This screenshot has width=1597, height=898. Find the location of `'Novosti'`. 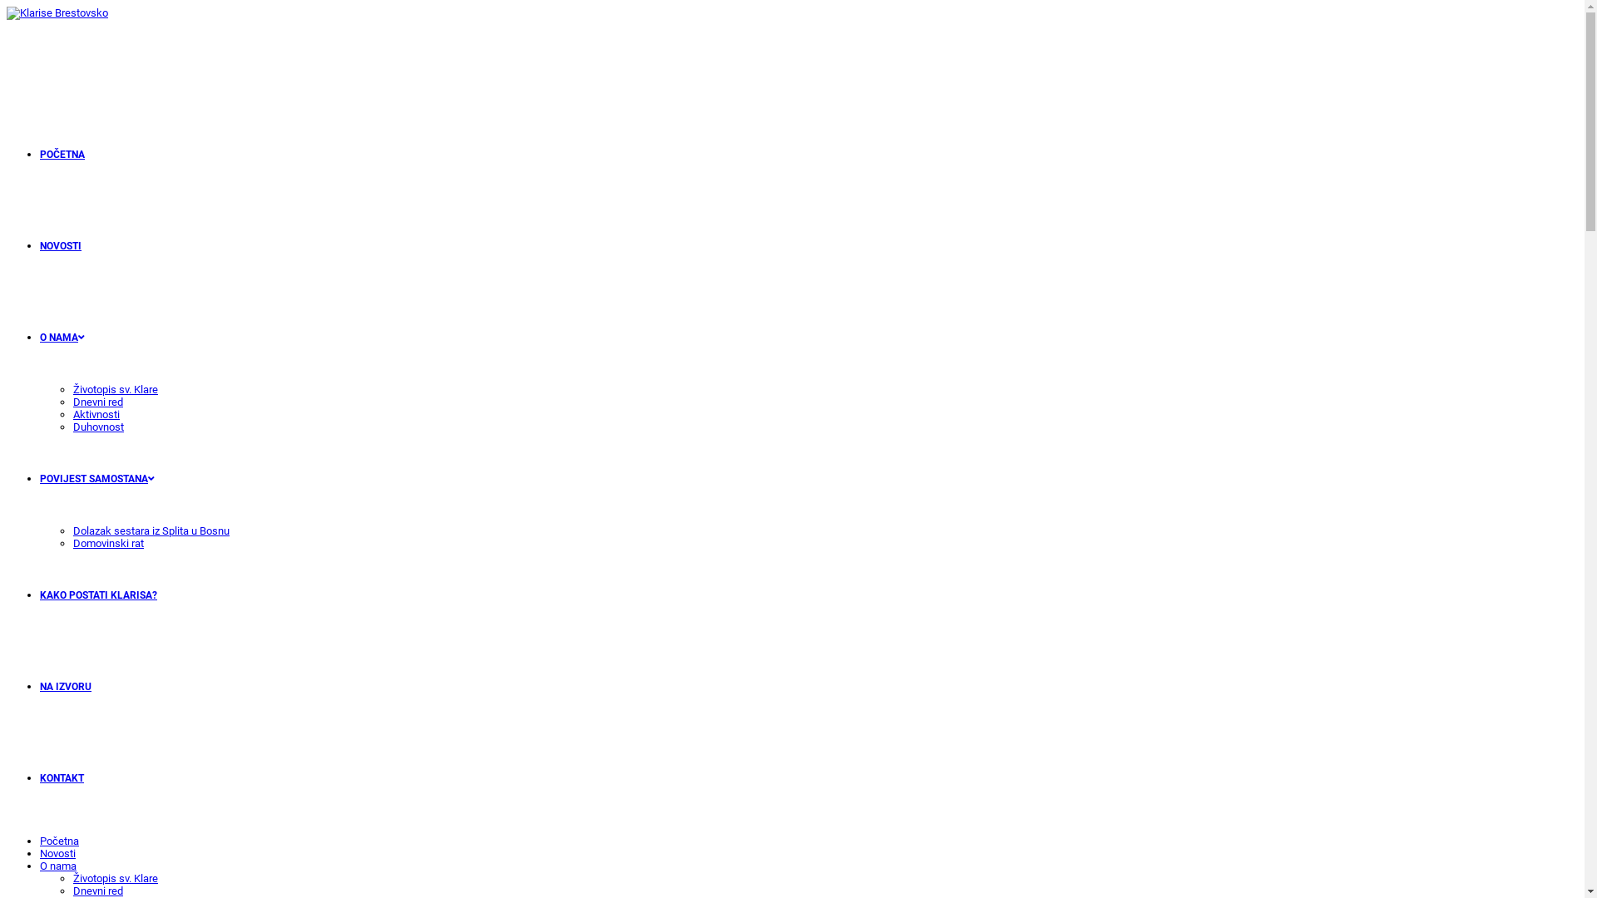

'Novosti' is located at coordinates (57, 853).